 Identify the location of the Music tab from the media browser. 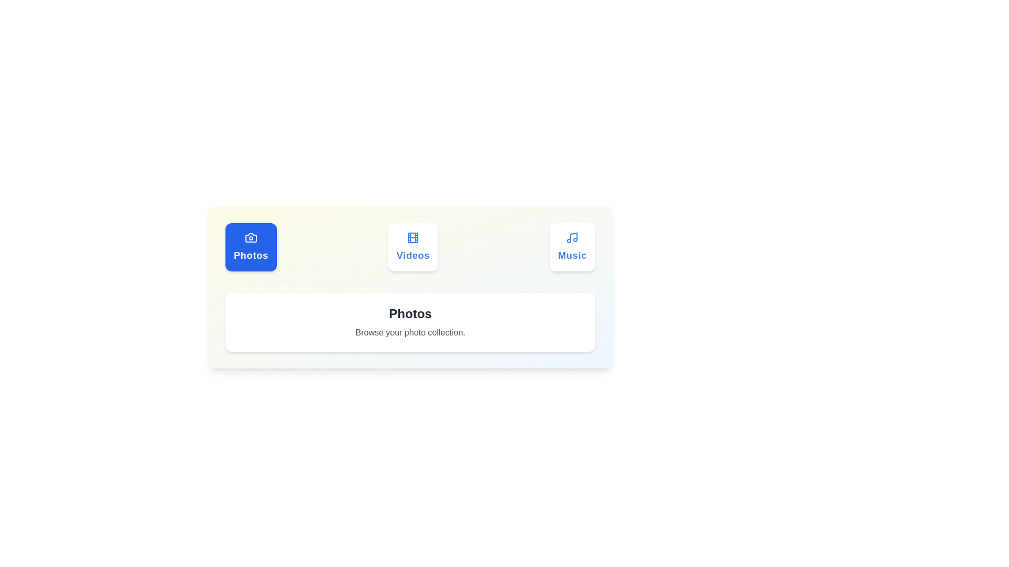
(572, 247).